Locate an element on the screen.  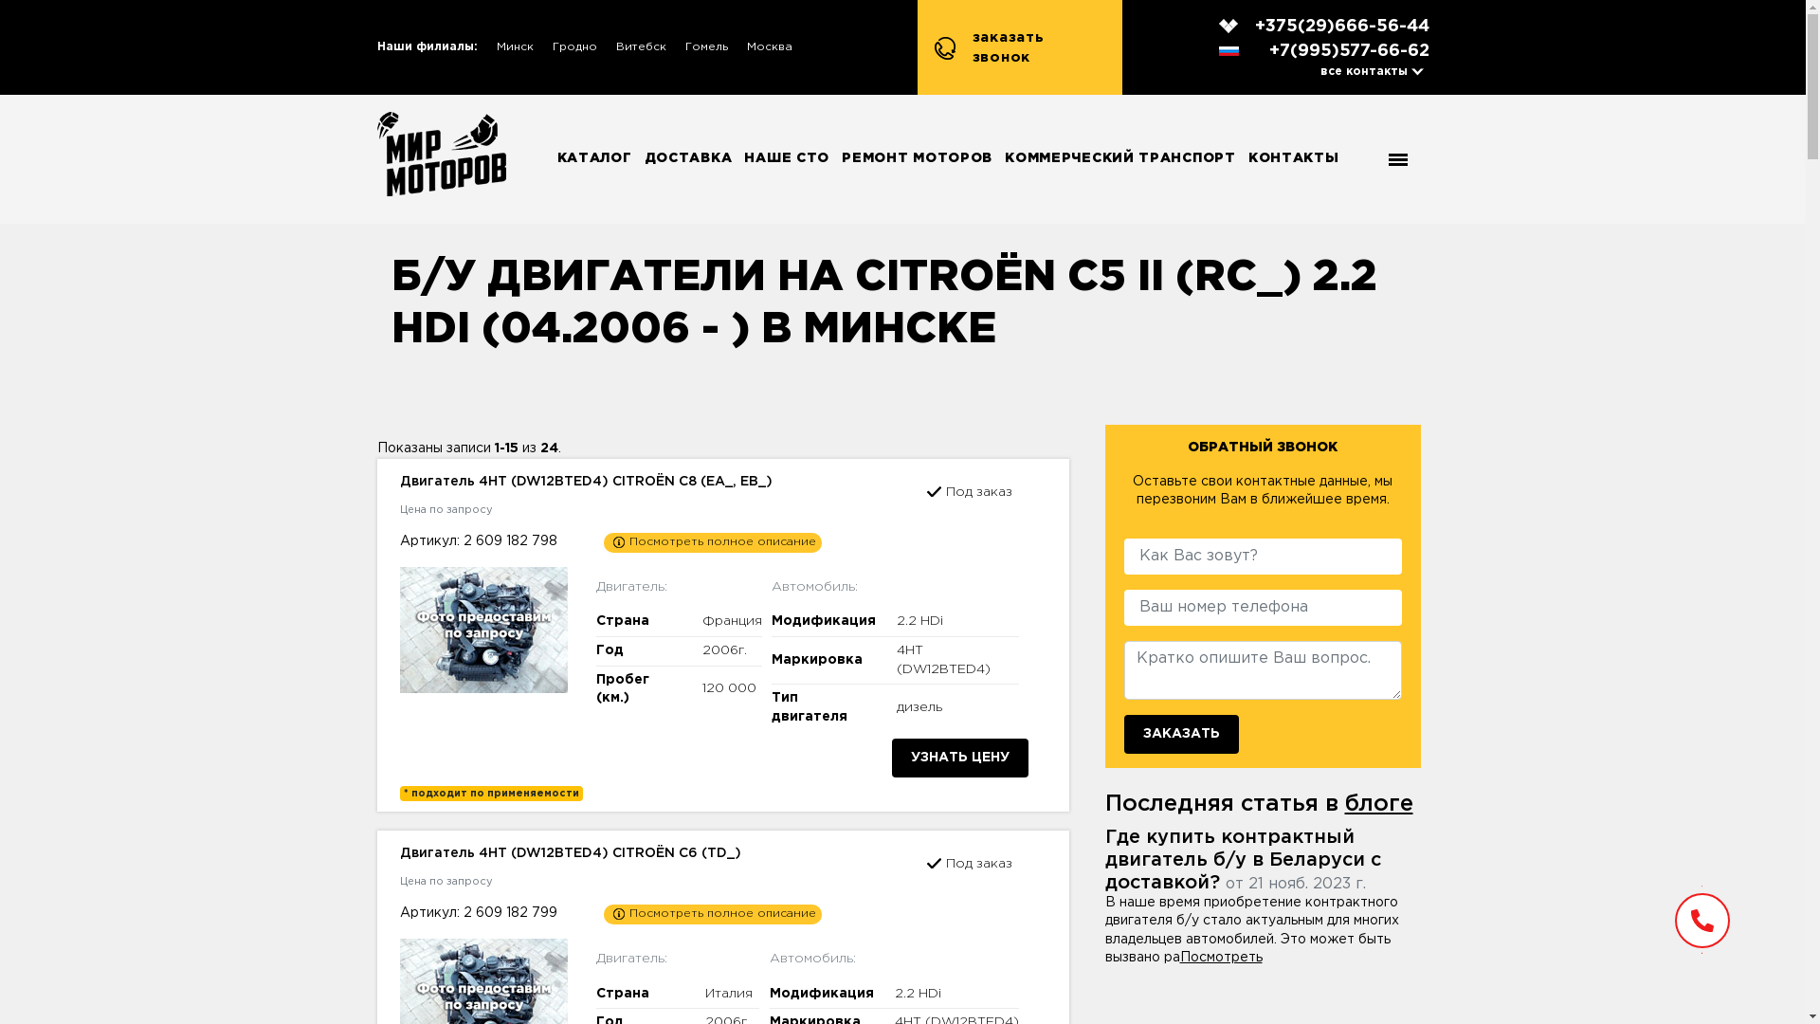
'2.2 HDi' is located at coordinates (918, 993).